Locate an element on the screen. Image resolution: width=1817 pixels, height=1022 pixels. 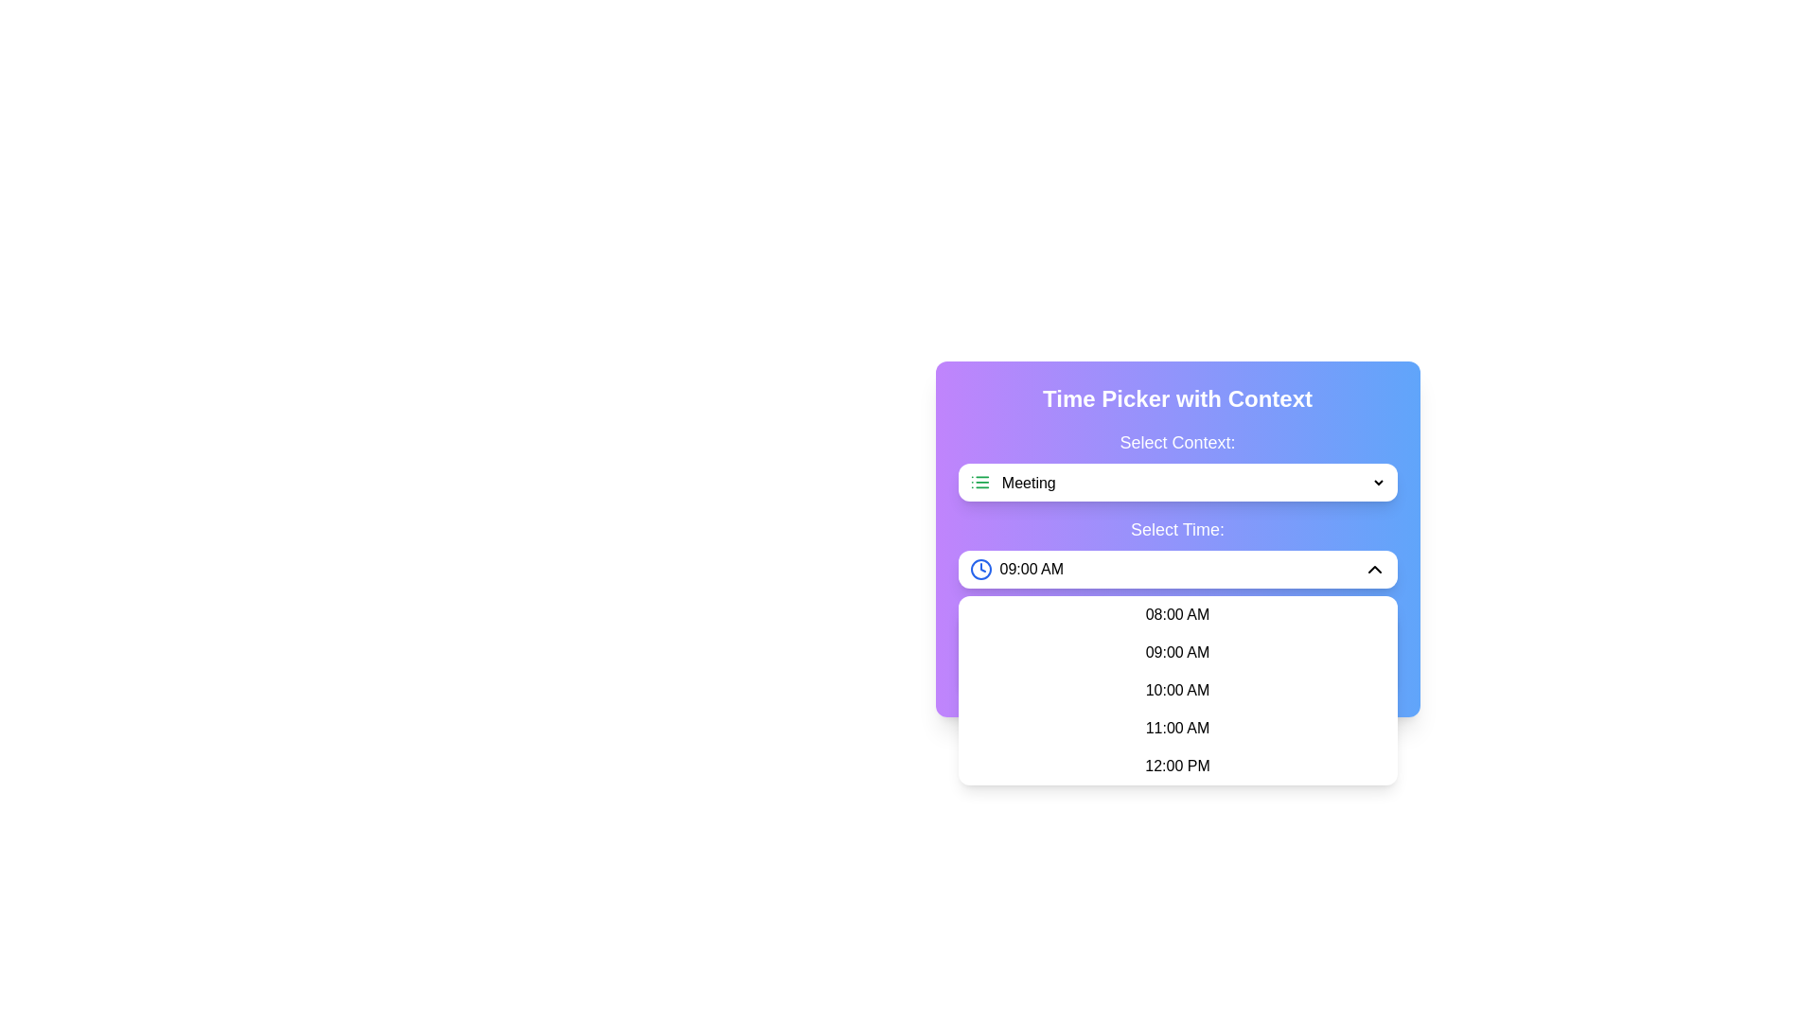
the third selectable item in the time picker list, which is positioned between '09:00 AM' and '11:00 AM' is located at coordinates (1176, 690).